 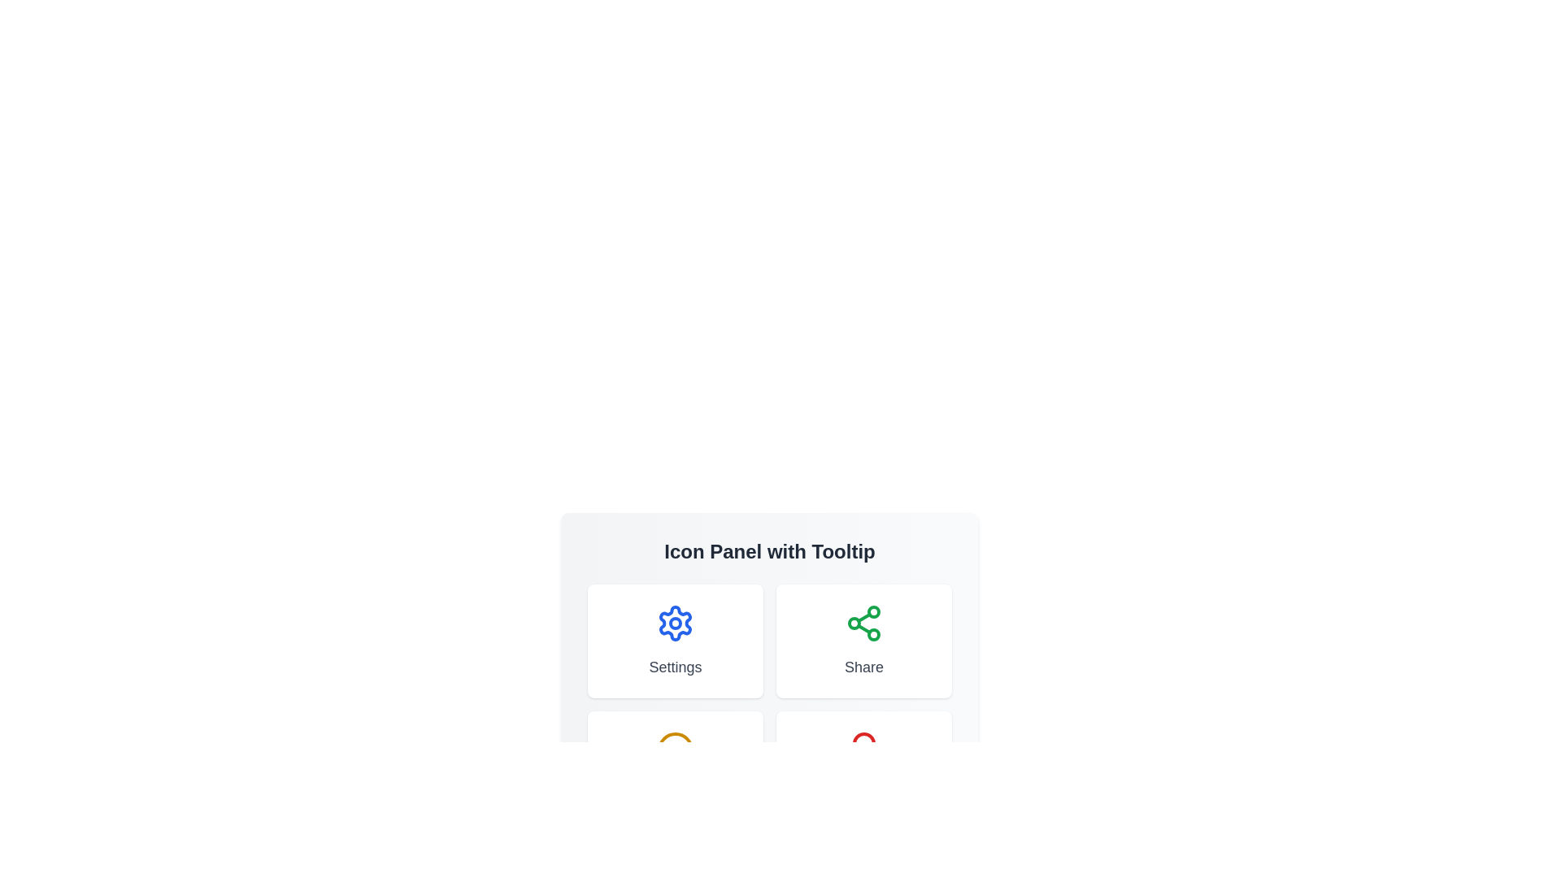 I want to click on the 'Share' static text element, which serves as a label for the sharing icon located in the top-right tile of the icon grid, so click(x=863, y=667).